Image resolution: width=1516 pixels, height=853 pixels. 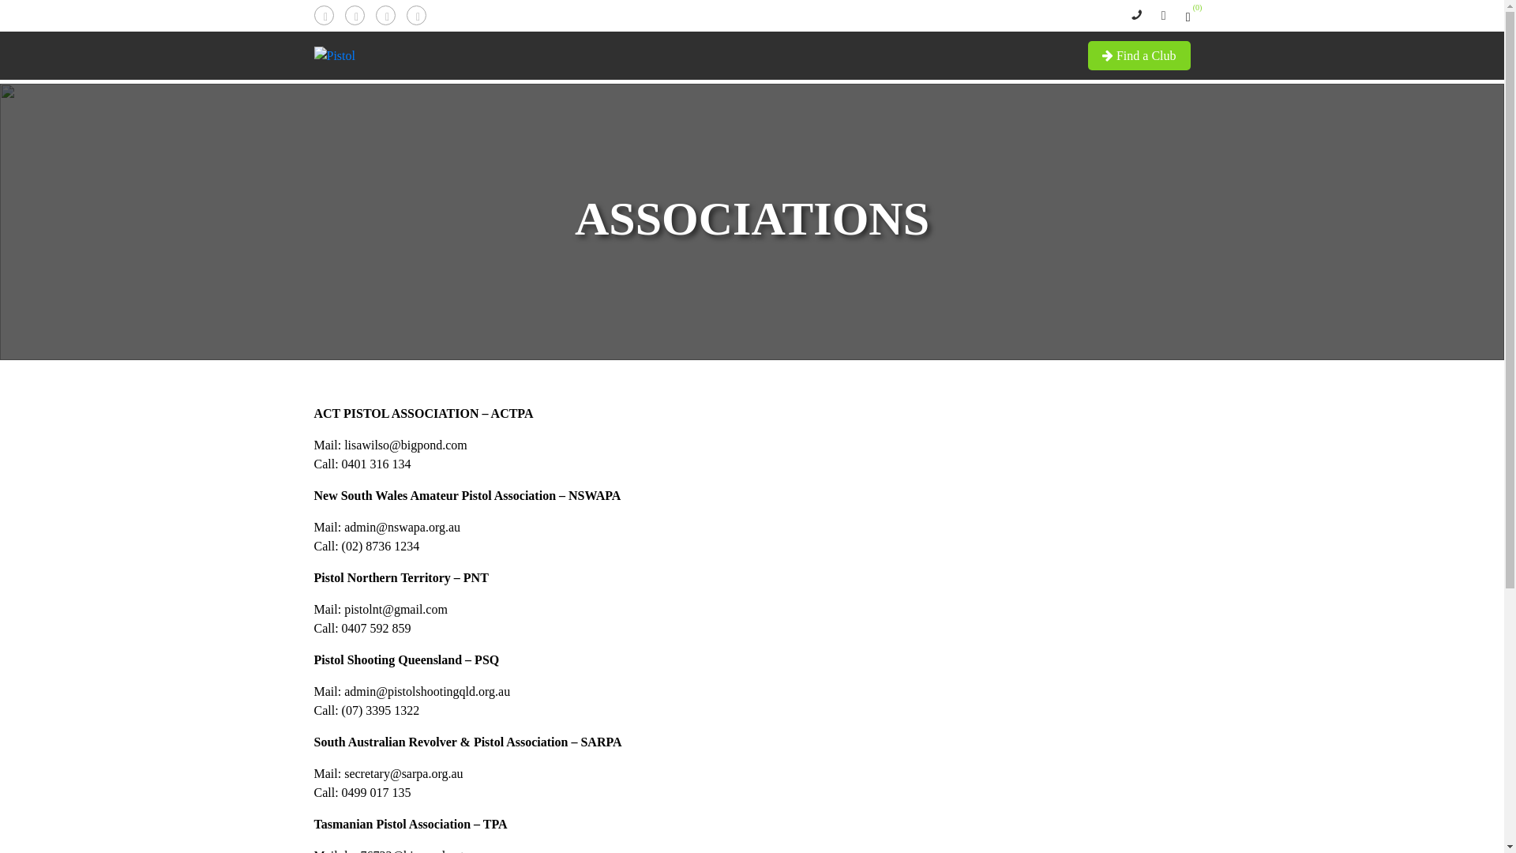 I want to click on 'pistolnt@gmail.com', so click(x=396, y=608).